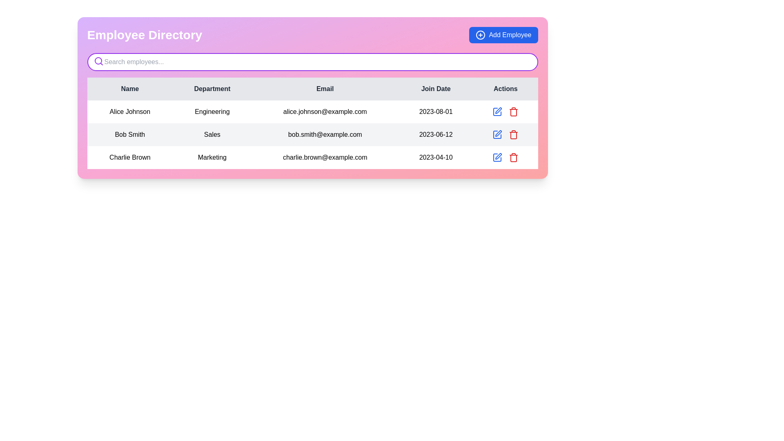 The height and width of the screenshot is (441, 784). I want to click on the 'Add Employee' button located in the top-right corner of the interface to observe the hover effects, so click(503, 34).